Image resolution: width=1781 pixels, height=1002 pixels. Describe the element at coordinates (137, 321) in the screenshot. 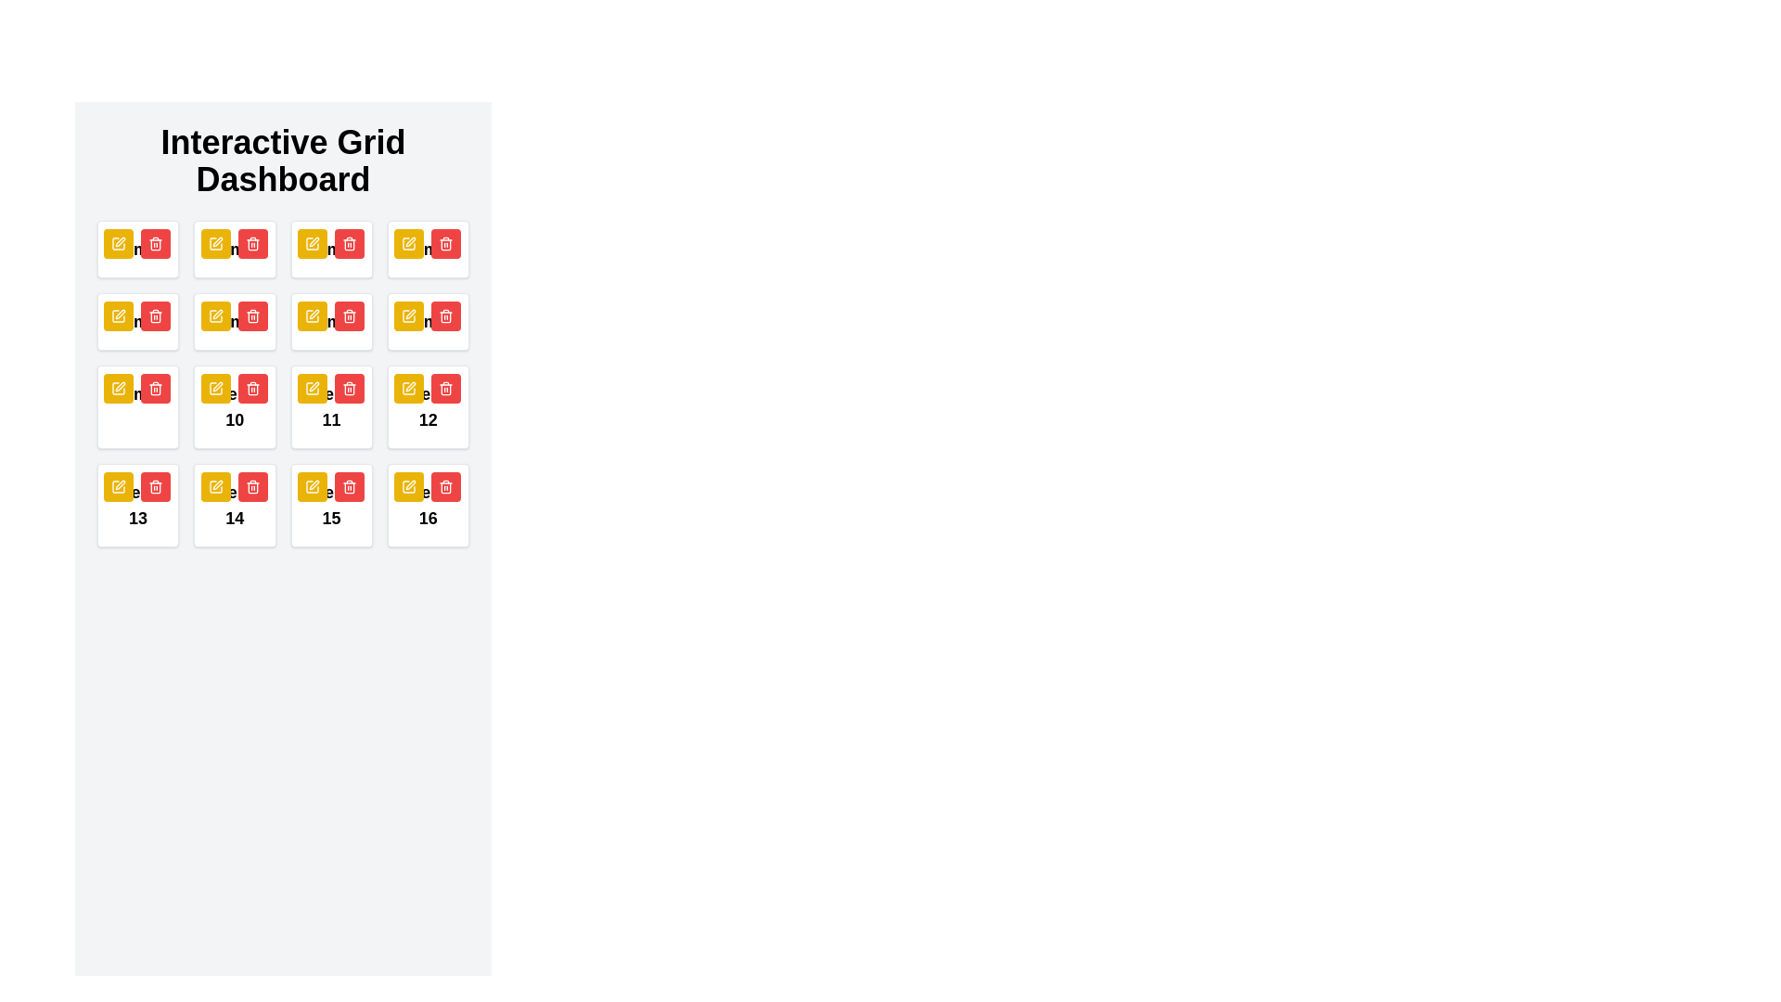

I see `the stylized edit icon within the yellow square button located on the fifth card of the 'Interactive Grid Dashboard' to initiate editing` at that location.